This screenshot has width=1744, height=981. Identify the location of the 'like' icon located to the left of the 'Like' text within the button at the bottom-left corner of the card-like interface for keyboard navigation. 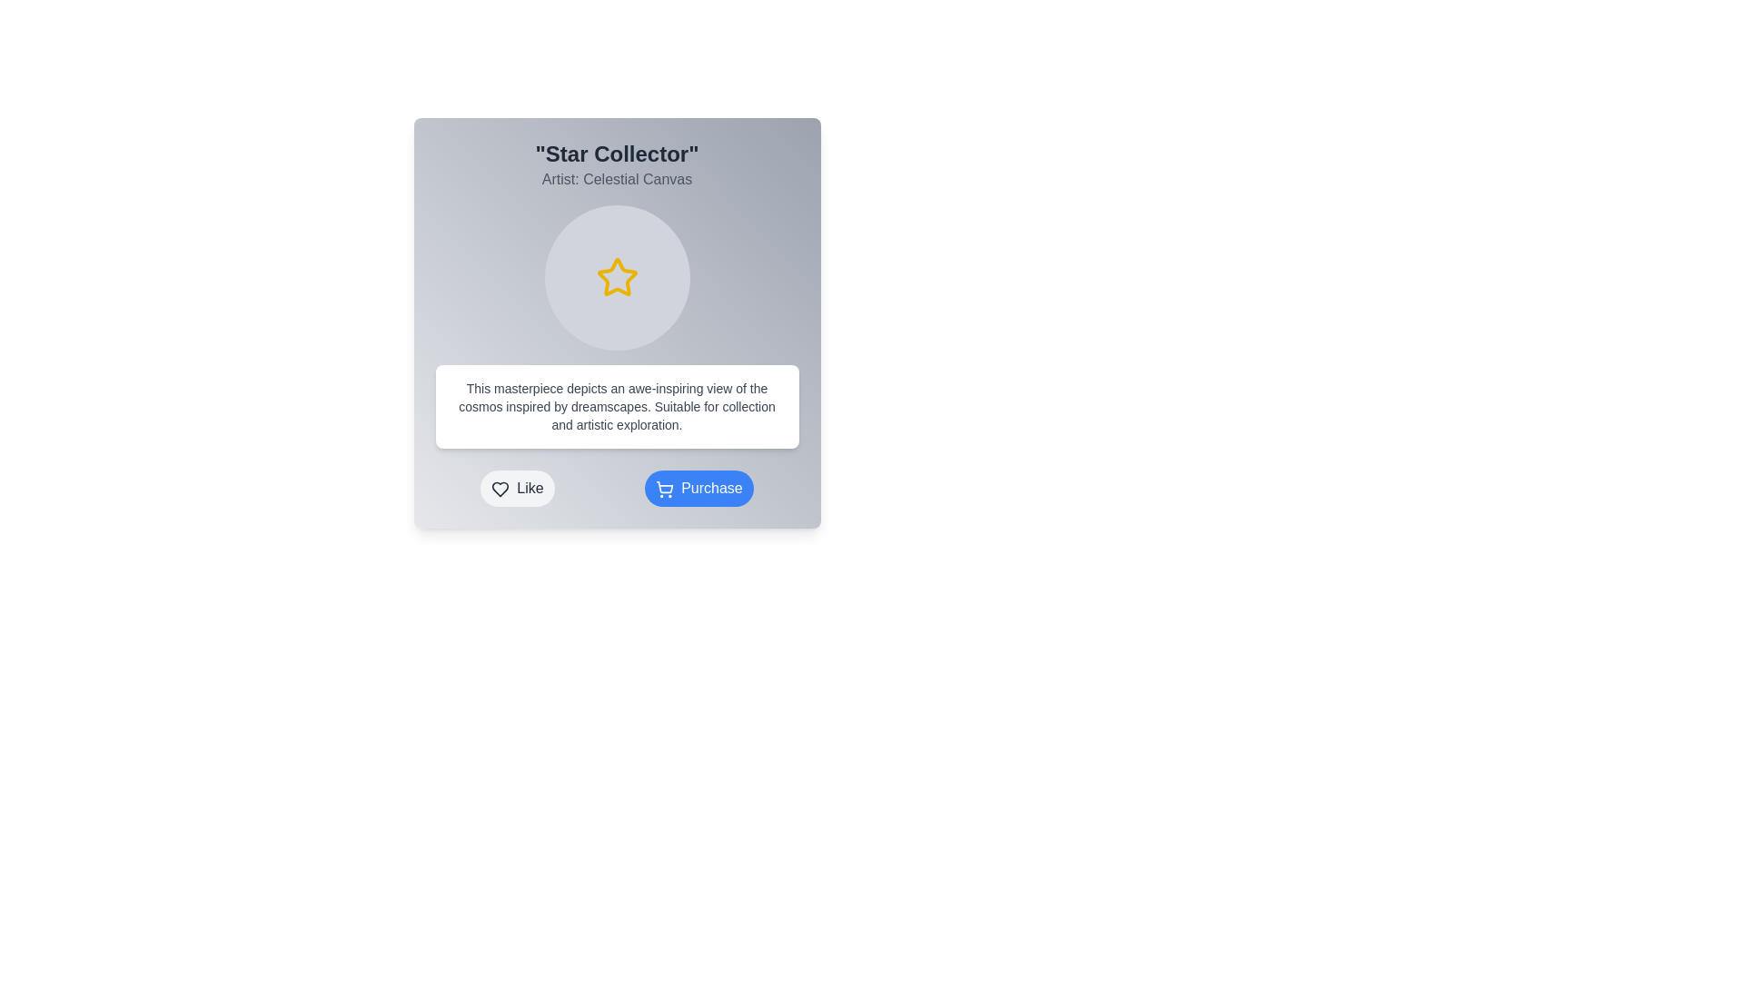
(500, 488).